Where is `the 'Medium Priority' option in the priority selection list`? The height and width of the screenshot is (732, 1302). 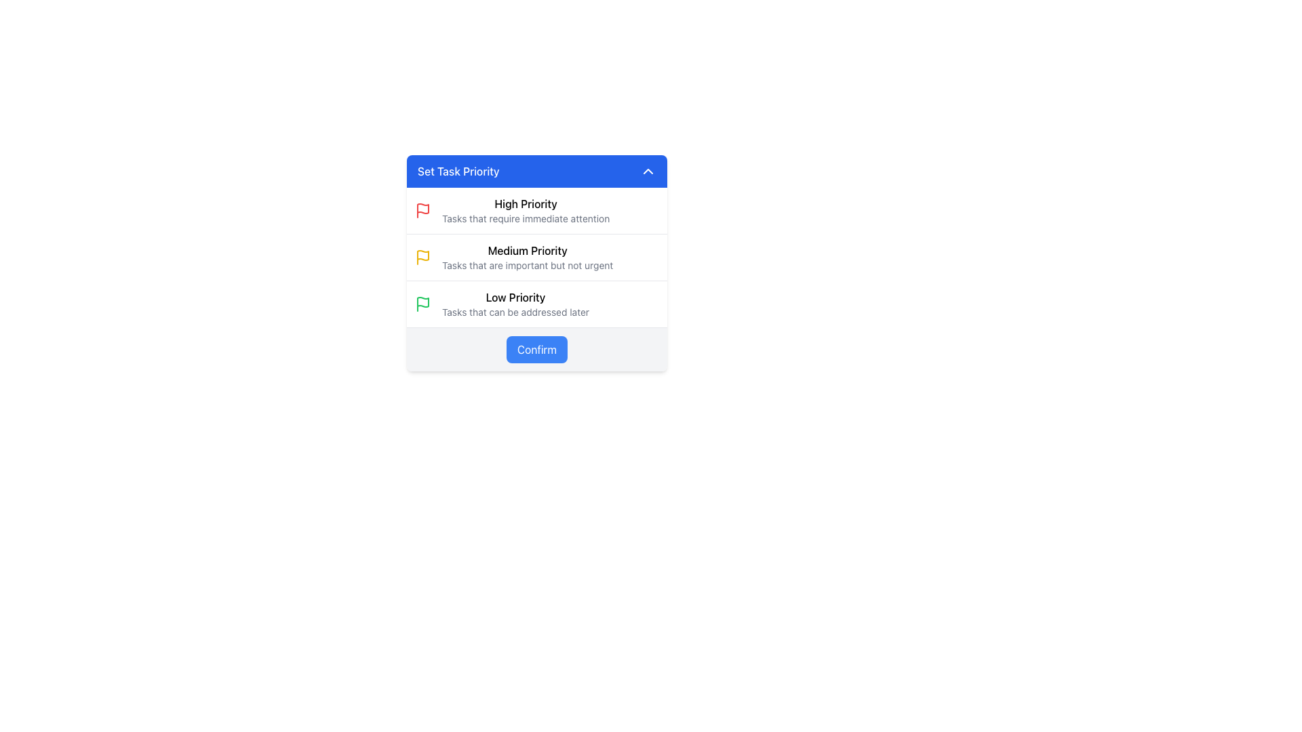 the 'Medium Priority' option in the priority selection list is located at coordinates (527, 258).